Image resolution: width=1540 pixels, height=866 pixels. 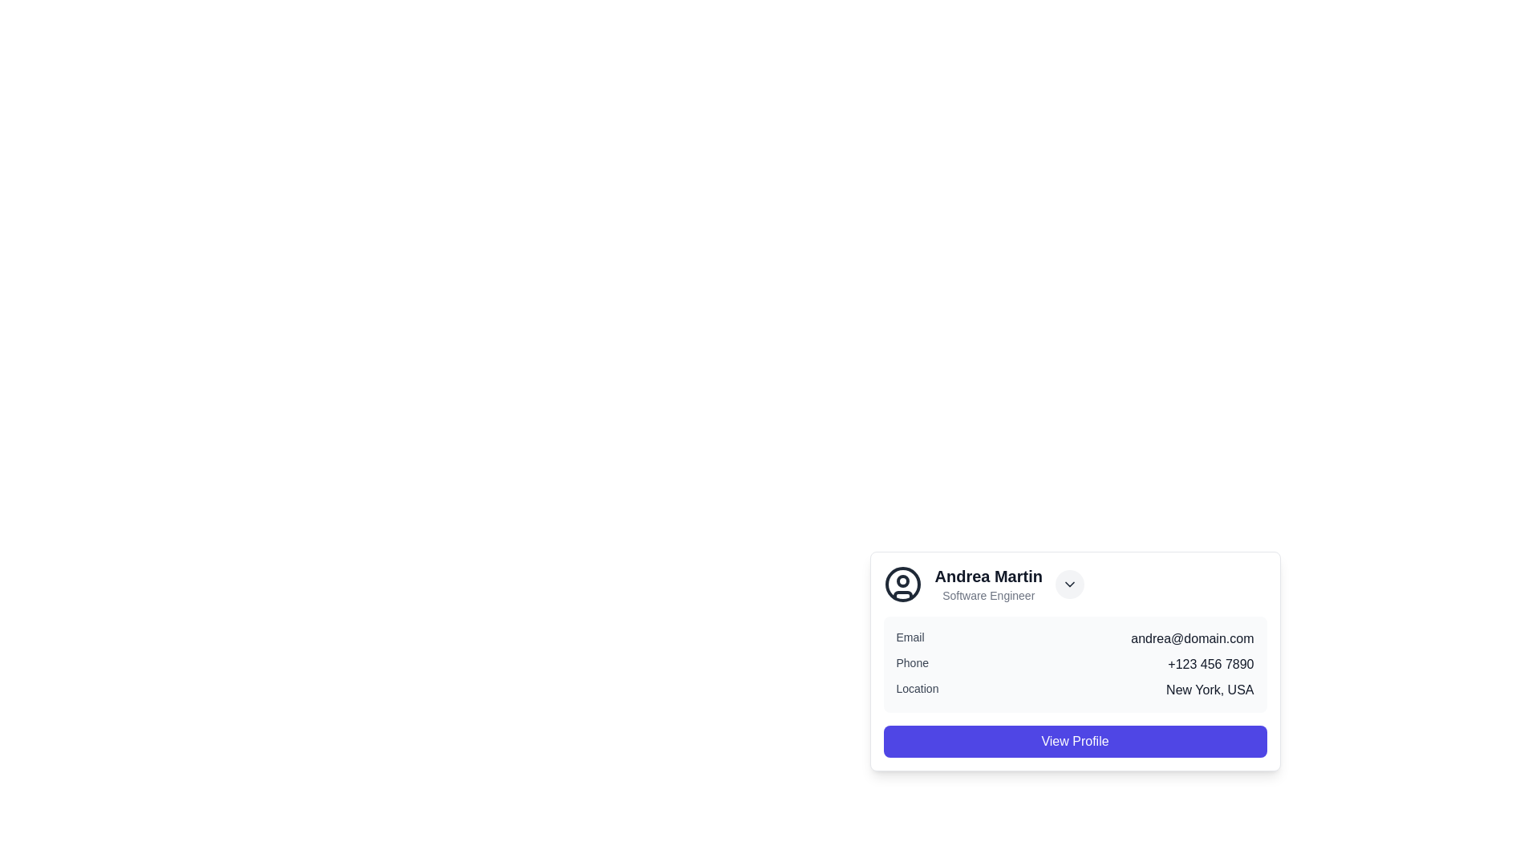 What do you see at coordinates (902, 585) in the screenshot?
I see `the SVG image icon representing the user's avatar located at the top-left corner of the user profile card, adjacent to the text 'Andrea Martin' and 'Software Engineer' to interact with the profile` at bounding box center [902, 585].